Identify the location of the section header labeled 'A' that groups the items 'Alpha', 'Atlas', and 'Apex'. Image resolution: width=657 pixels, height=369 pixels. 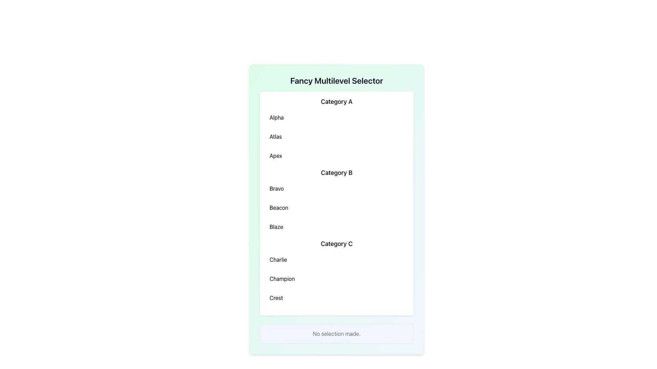
(336, 101).